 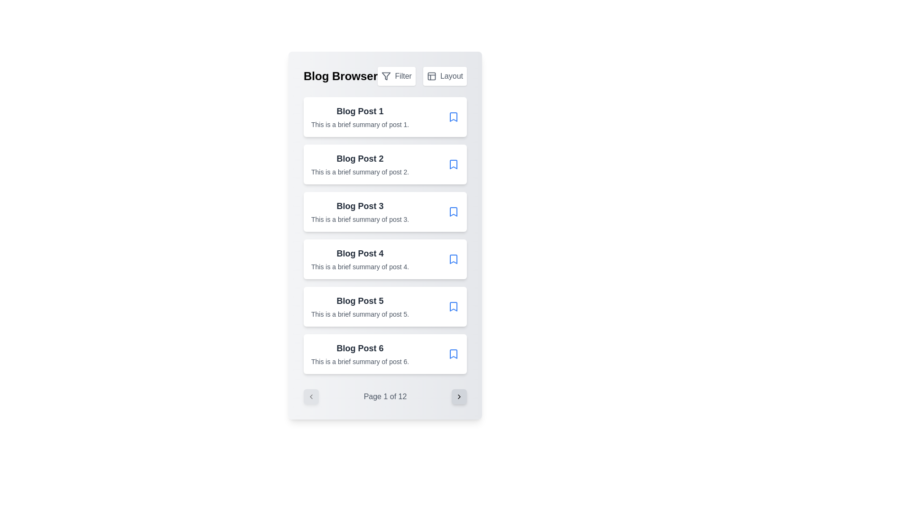 I want to click on the static text displaying 'Blog Post 3', which is the title of the third blog post entry in the list, styled with a large font size and bold weight, so click(x=360, y=206).